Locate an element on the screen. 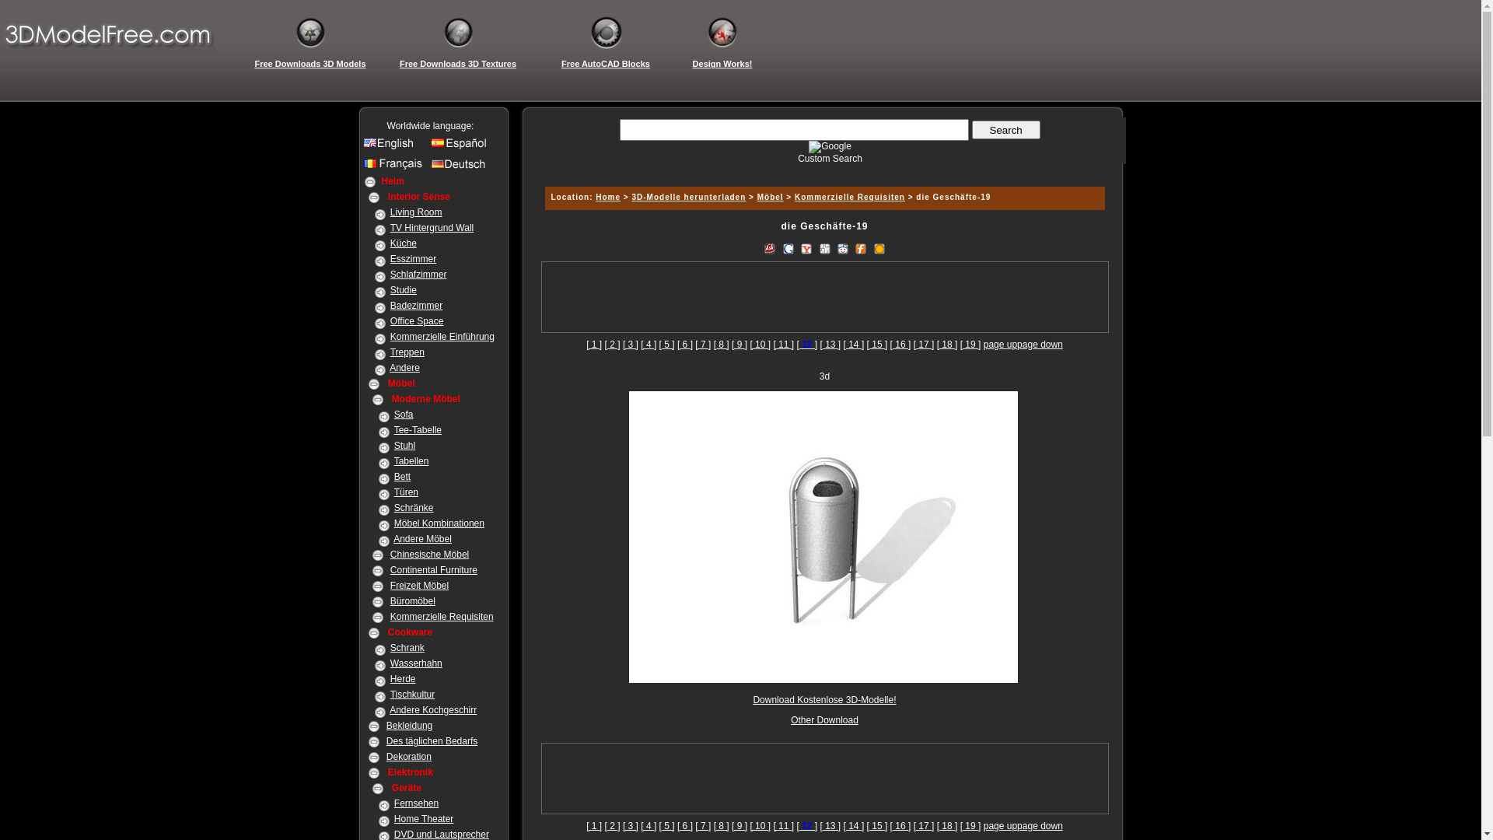 The height and width of the screenshot is (840, 1493). 'Living Room' is located at coordinates (416, 212).